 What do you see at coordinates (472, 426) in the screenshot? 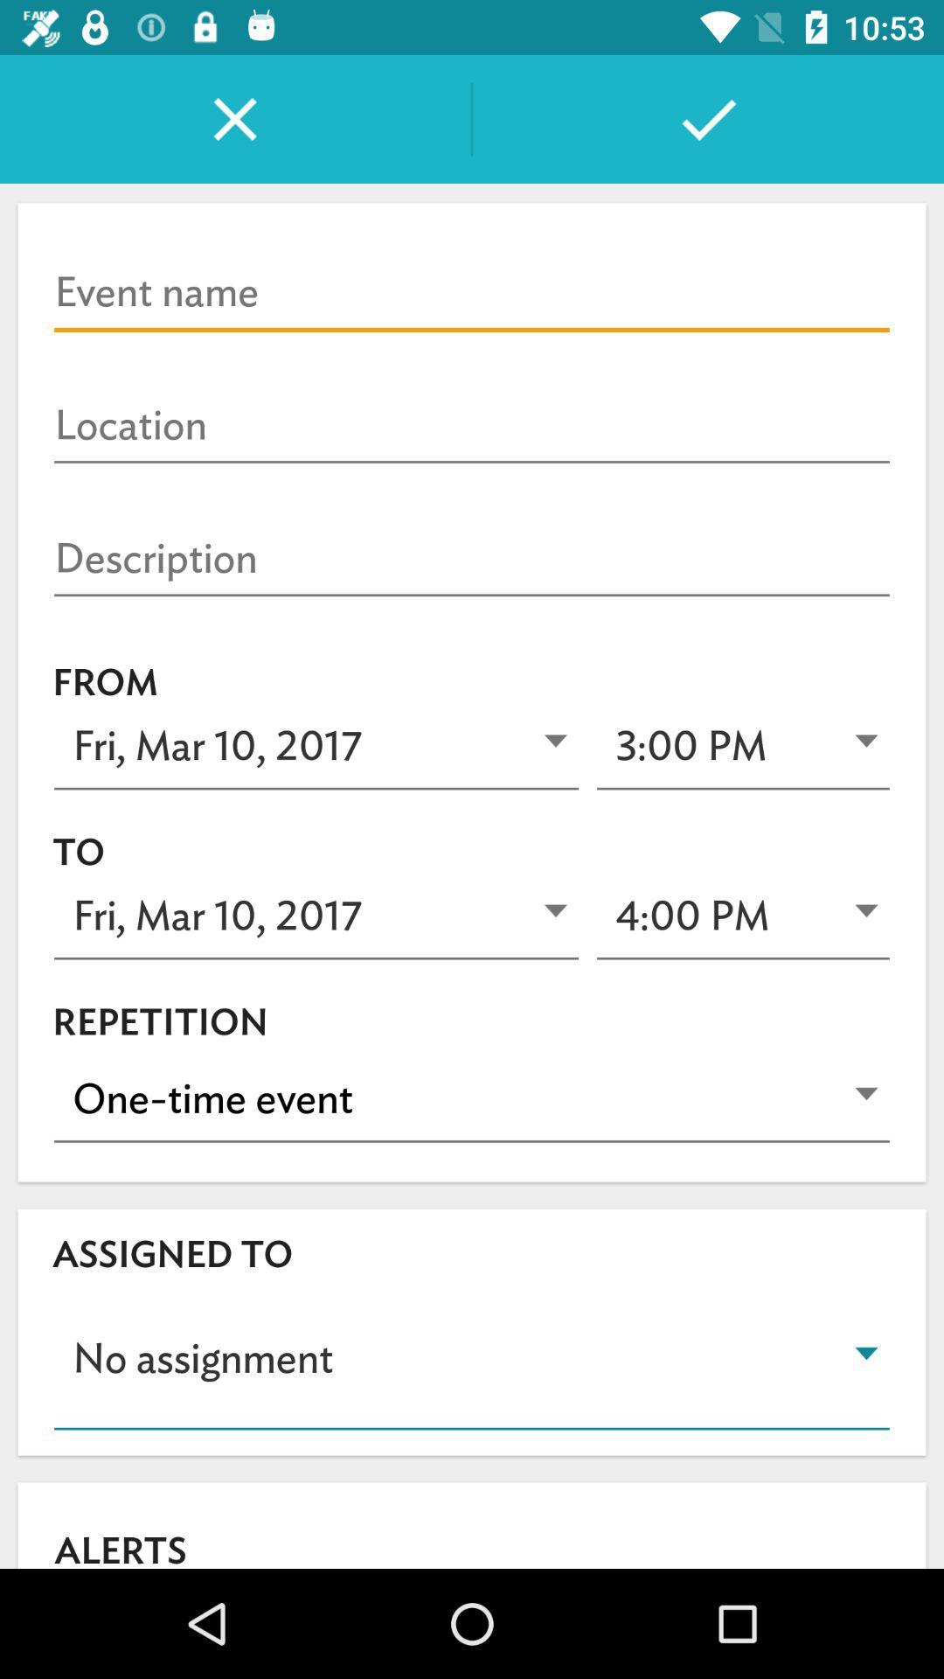
I see `event location` at bounding box center [472, 426].